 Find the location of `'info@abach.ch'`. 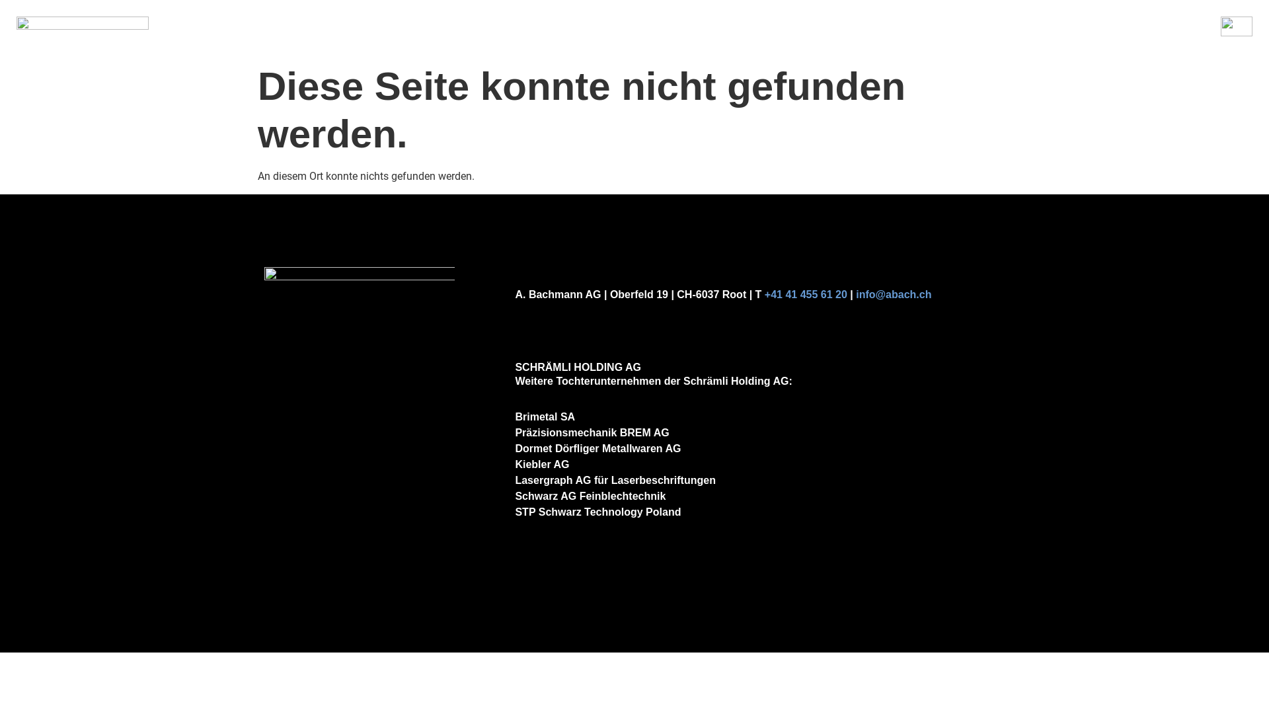

'info@abach.ch' is located at coordinates (856, 294).